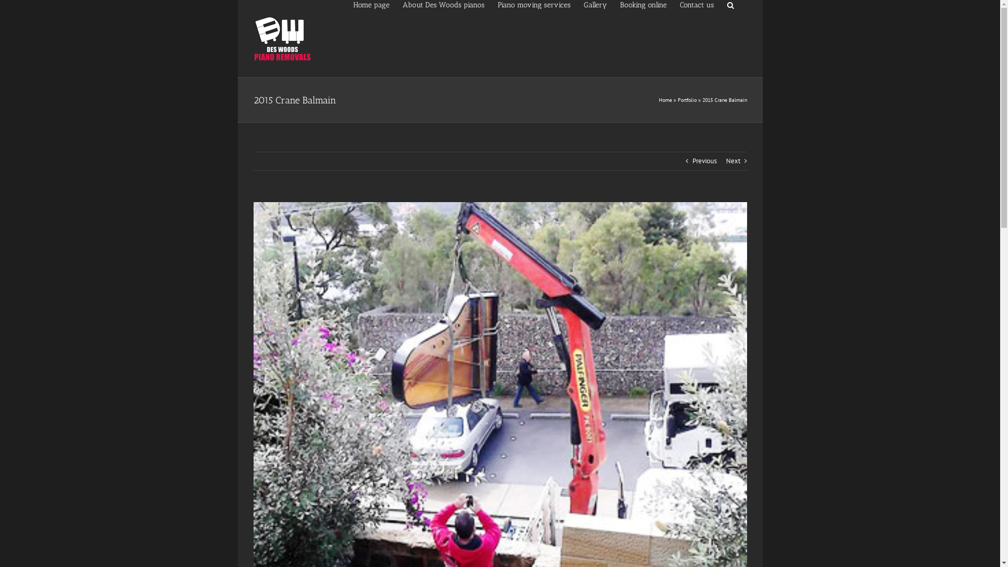  I want to click on 'Booking online', so click(642, 4).